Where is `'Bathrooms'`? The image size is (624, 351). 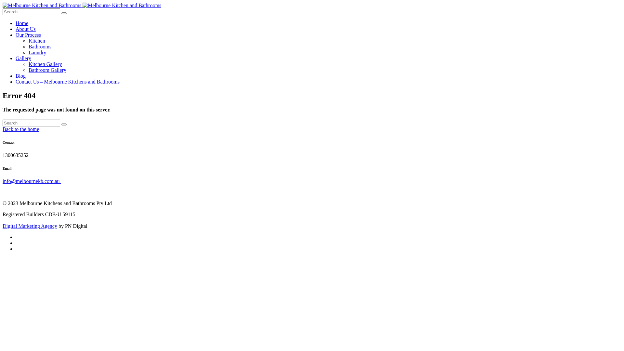 'Bathrooms' is located at coordinates (40, 46).